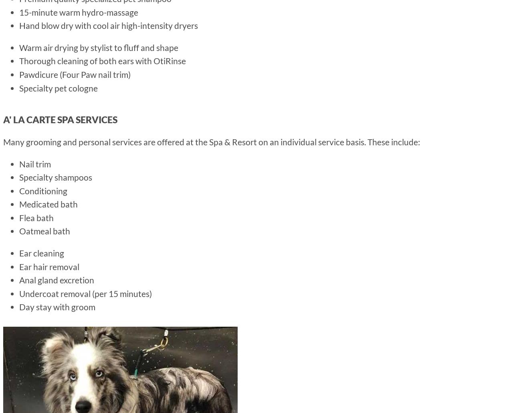 This screenshot has width=521, height=413. What do you see at coordinates (3, 141) in the screenshot?
I see `'Many grooming and personal services are offered at the Spa & Resort on an individual service basis. These include:'` at bounding box center [3, 141].